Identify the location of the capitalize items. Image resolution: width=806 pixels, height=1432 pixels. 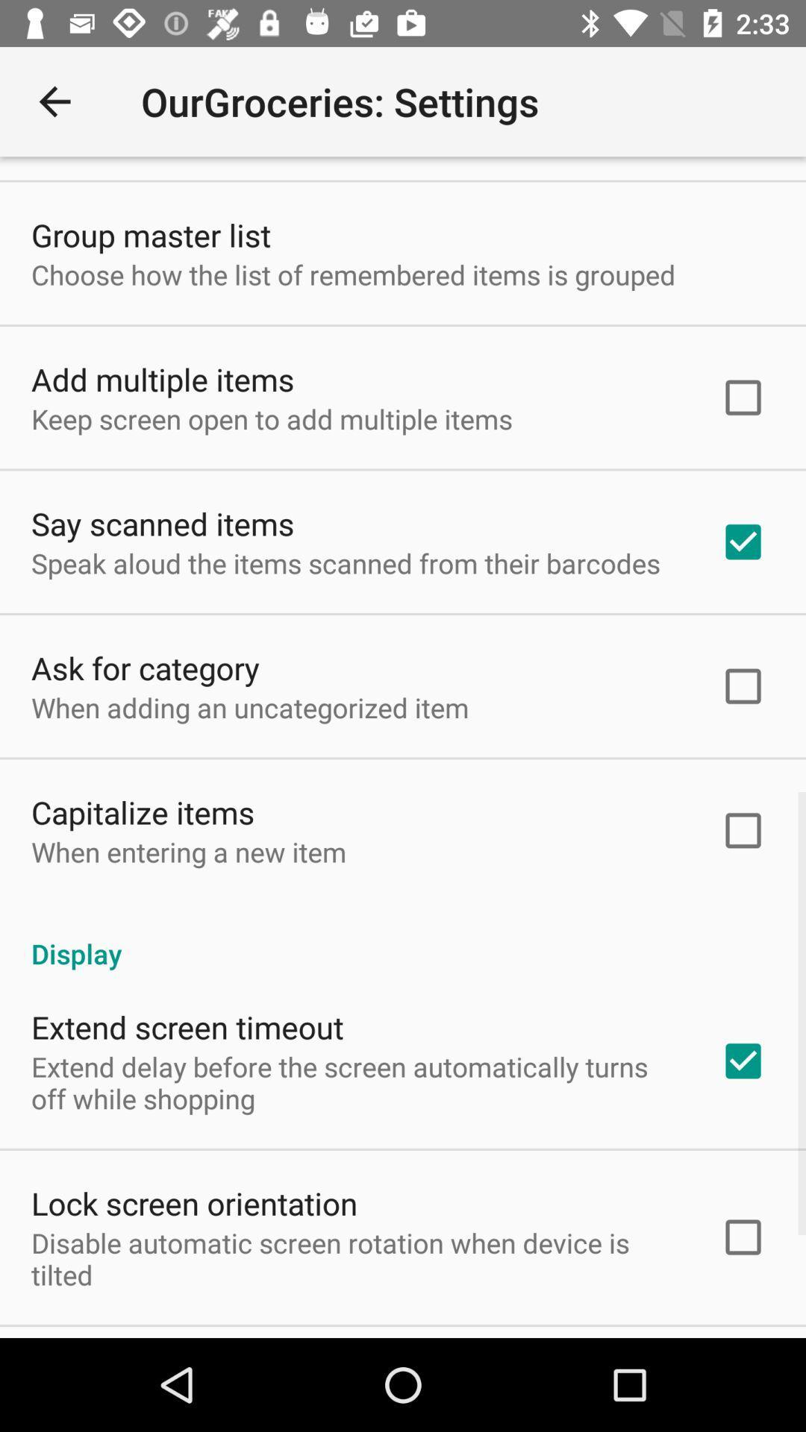
(143, 811).